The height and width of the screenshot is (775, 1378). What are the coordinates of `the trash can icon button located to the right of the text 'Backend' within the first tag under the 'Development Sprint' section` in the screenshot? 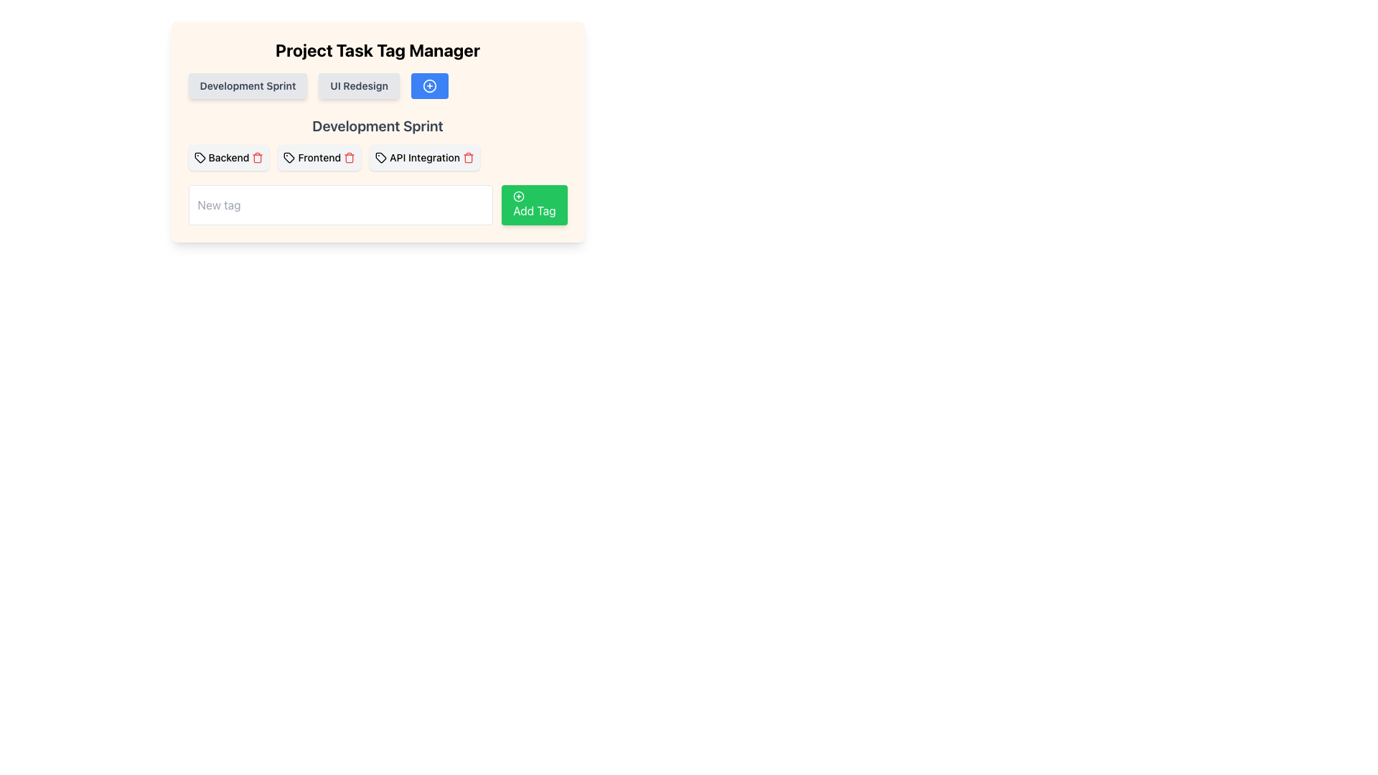 It's located at (258, 157).